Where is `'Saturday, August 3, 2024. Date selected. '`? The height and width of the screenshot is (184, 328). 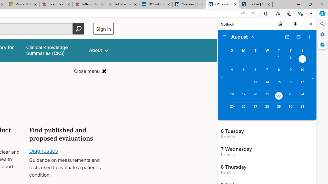 'Saturday, August 3, 2024. Date selected. ' is located at coordinates (302, 59).